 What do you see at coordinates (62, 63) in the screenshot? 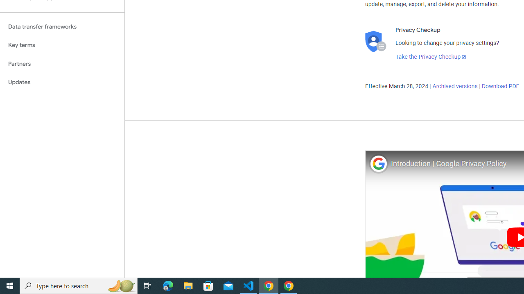
I see `'Partners'` at bounding box center [62, 63].